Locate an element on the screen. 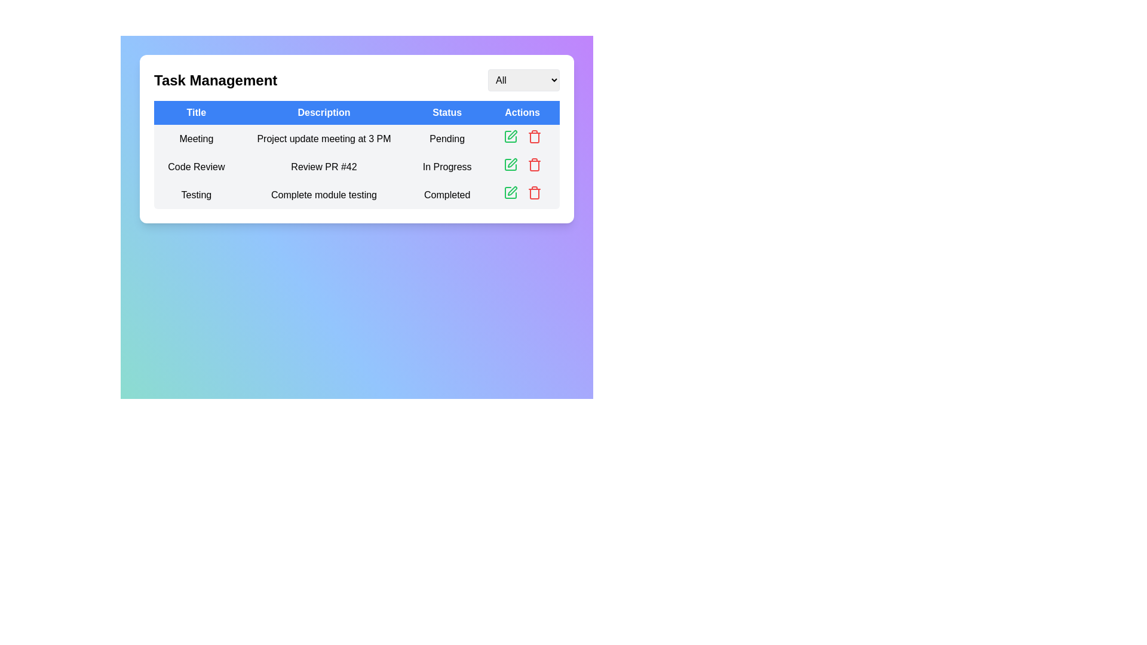 Image resolution: width=1147 pixels, height=645 pixels. the 'edit' button located in the 'Actions' column of the task management table for the 'Meeting' task to initiate editing the task details is located at coordinates (510, 136).